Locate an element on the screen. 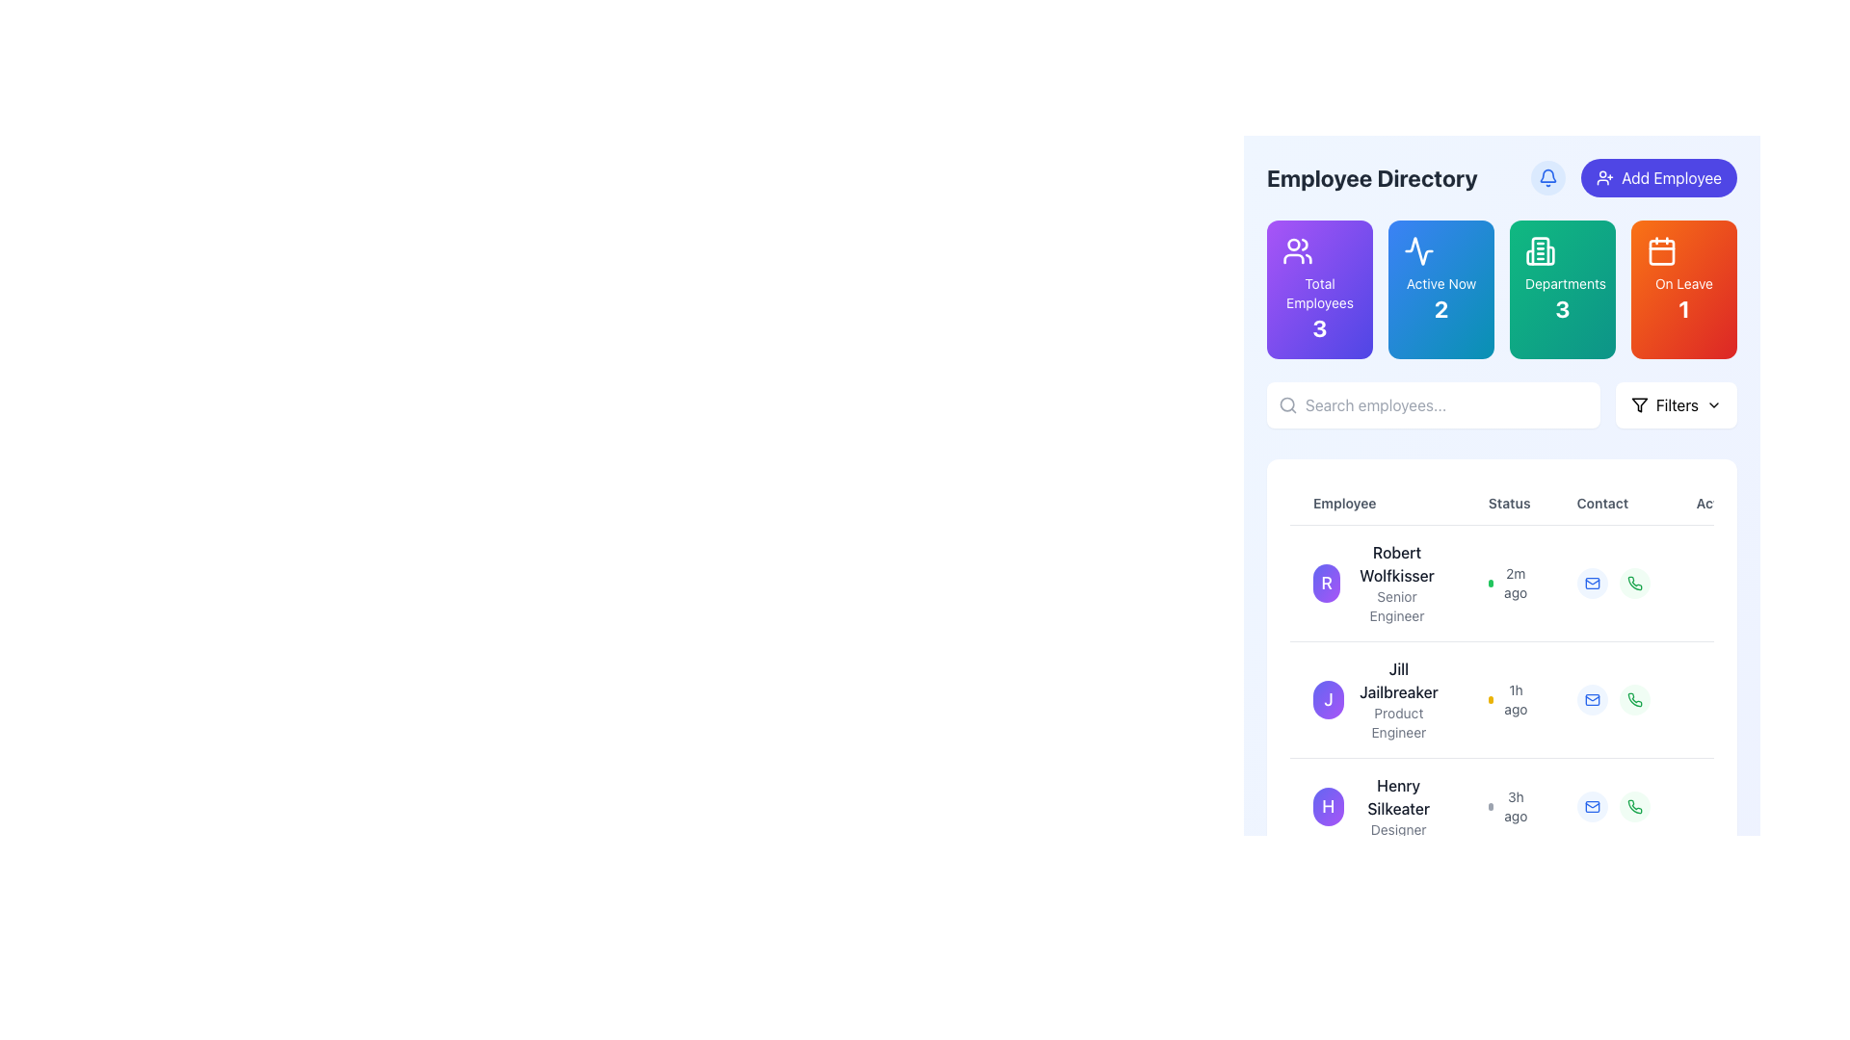  the interactive ellipsis button located in the 'Ac' column of 'Robert Wolfkisser' row is located at coordinates (1720, 582).